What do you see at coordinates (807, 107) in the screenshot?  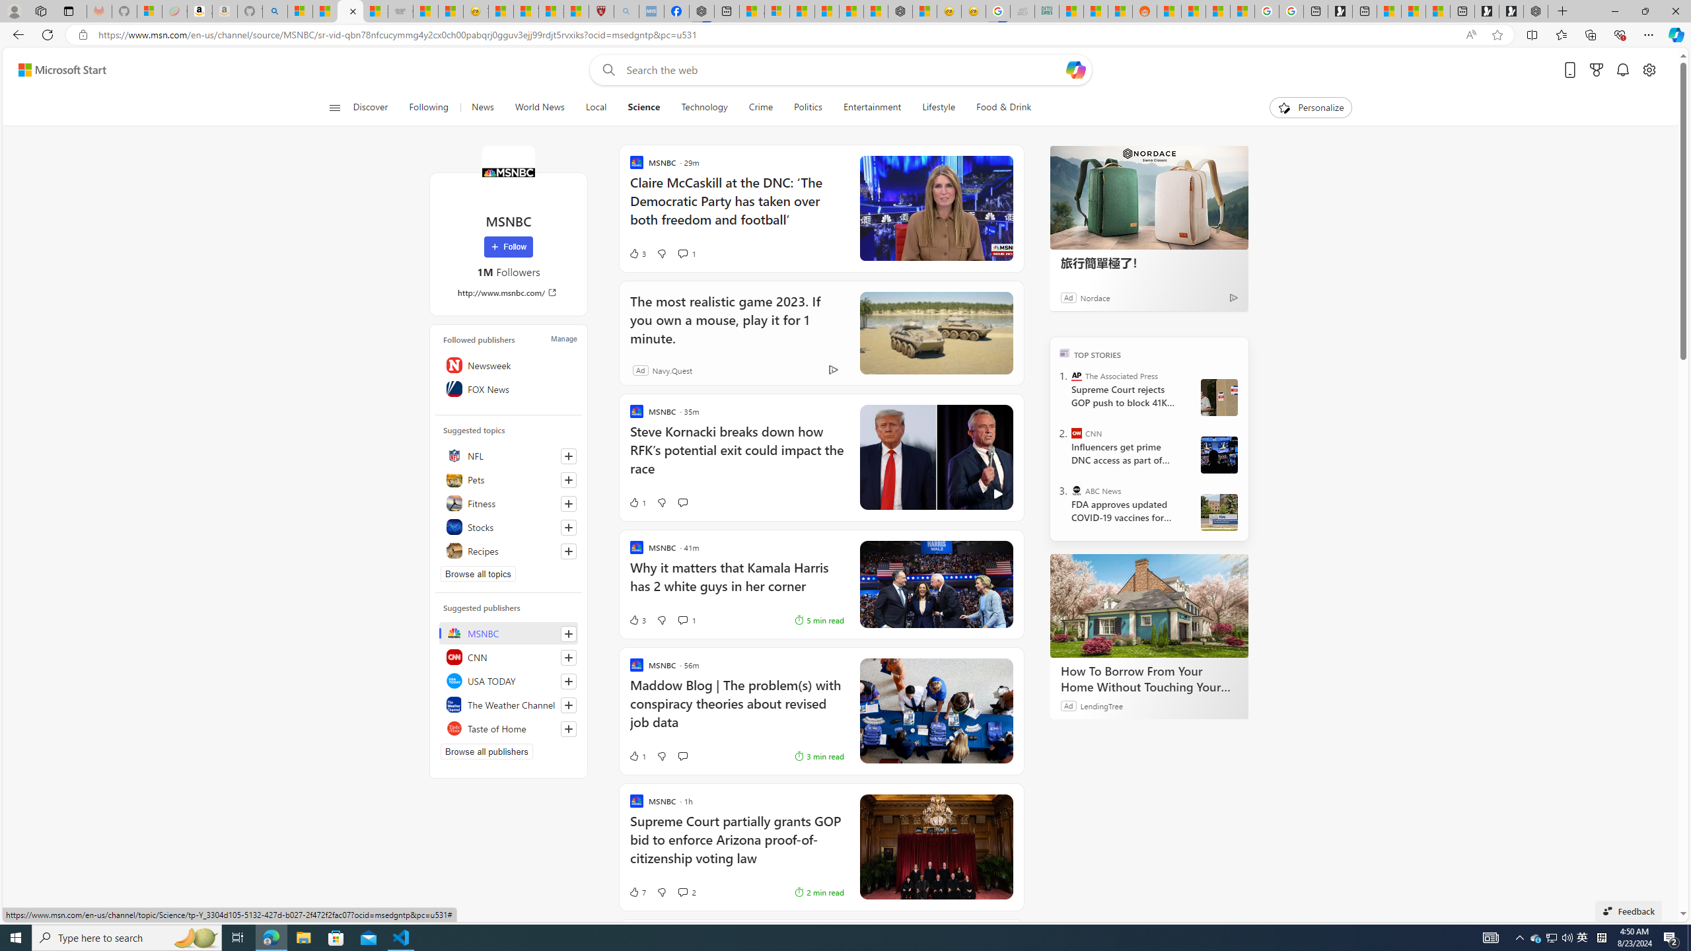 I see `'Politics'` at bounding box center [807, 107].